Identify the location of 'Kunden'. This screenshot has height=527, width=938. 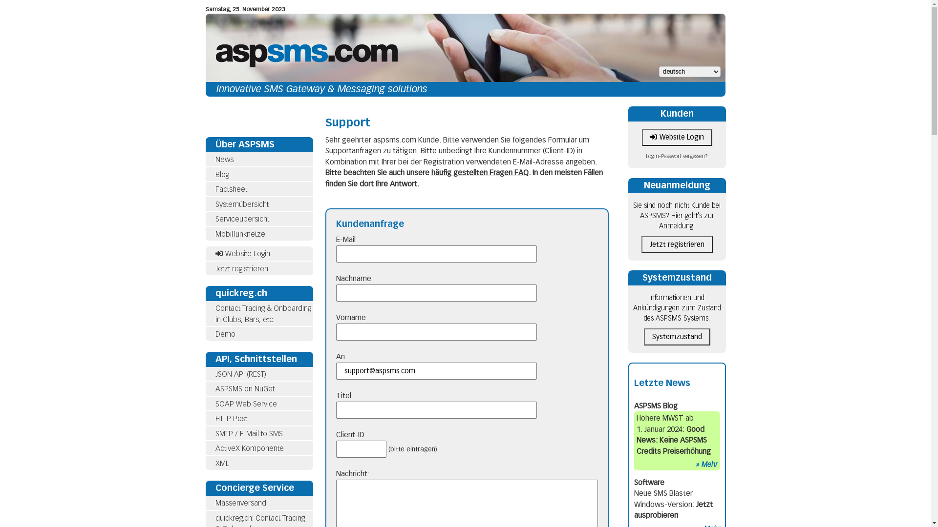
(661, 113).